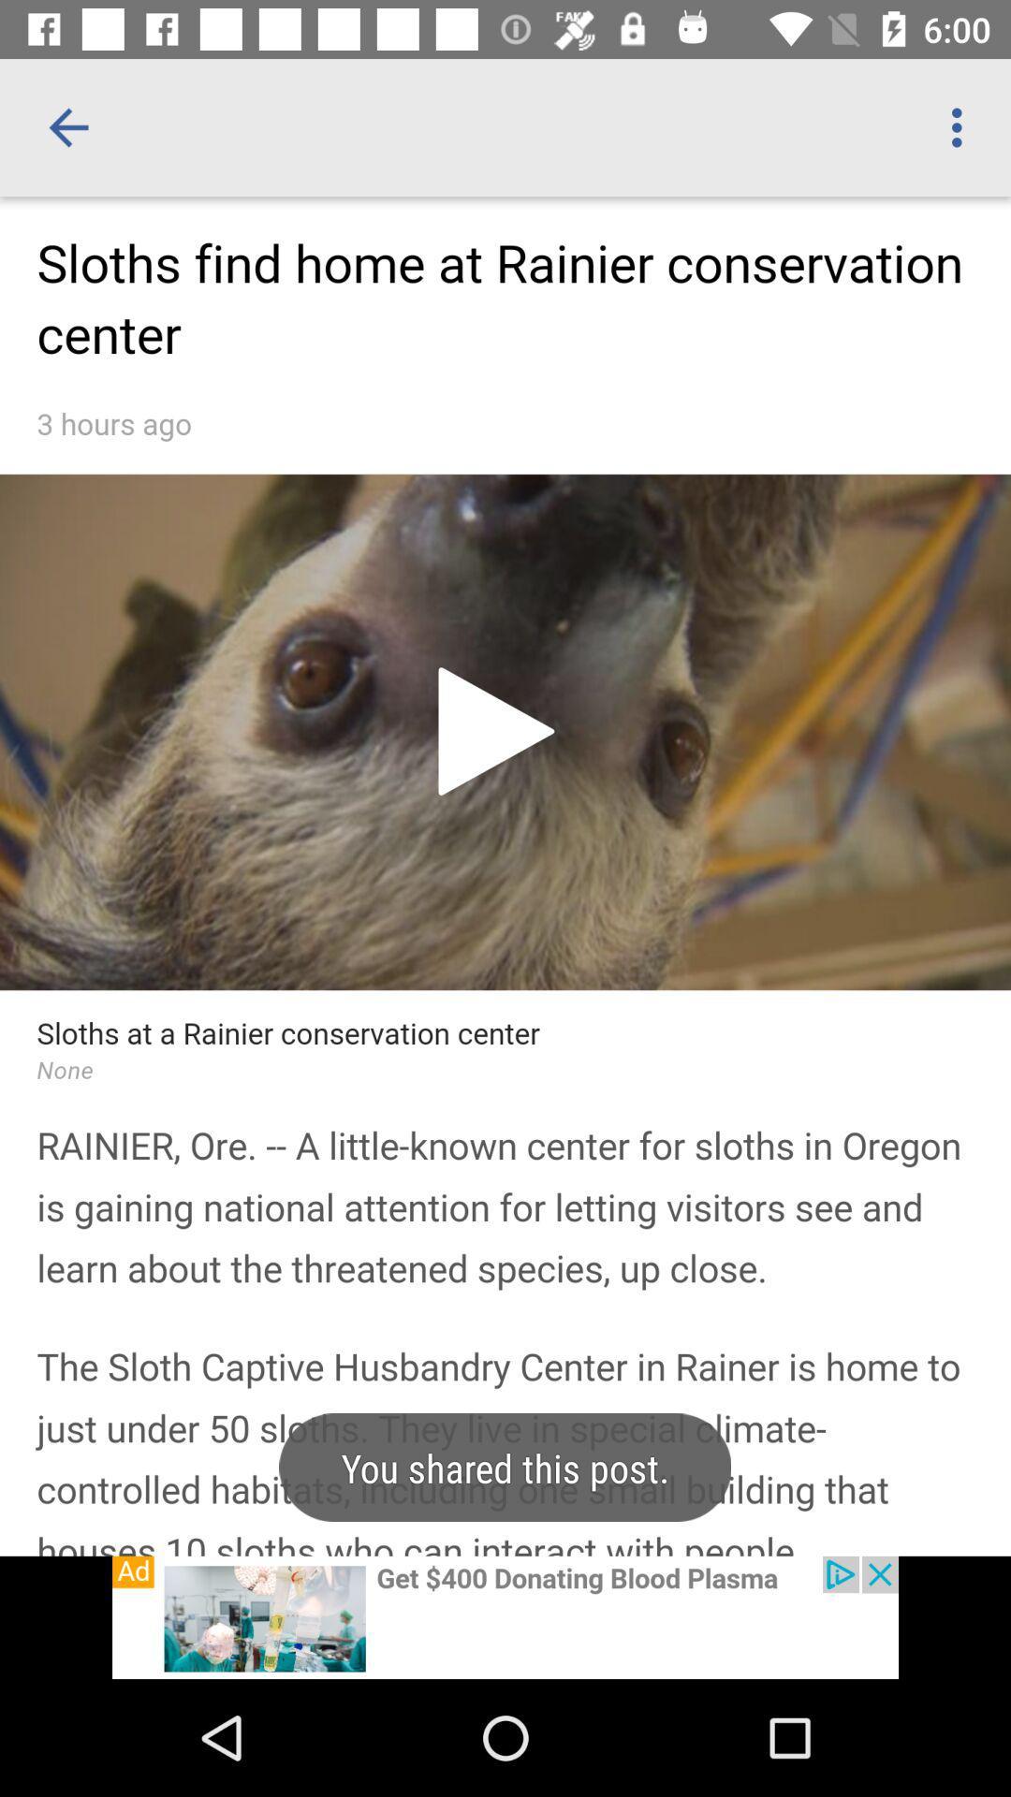 The image size is (1011, 1797). Describe the element at coordinates (505, 1616) in the screenshot. I see `click advertisement` at that location.